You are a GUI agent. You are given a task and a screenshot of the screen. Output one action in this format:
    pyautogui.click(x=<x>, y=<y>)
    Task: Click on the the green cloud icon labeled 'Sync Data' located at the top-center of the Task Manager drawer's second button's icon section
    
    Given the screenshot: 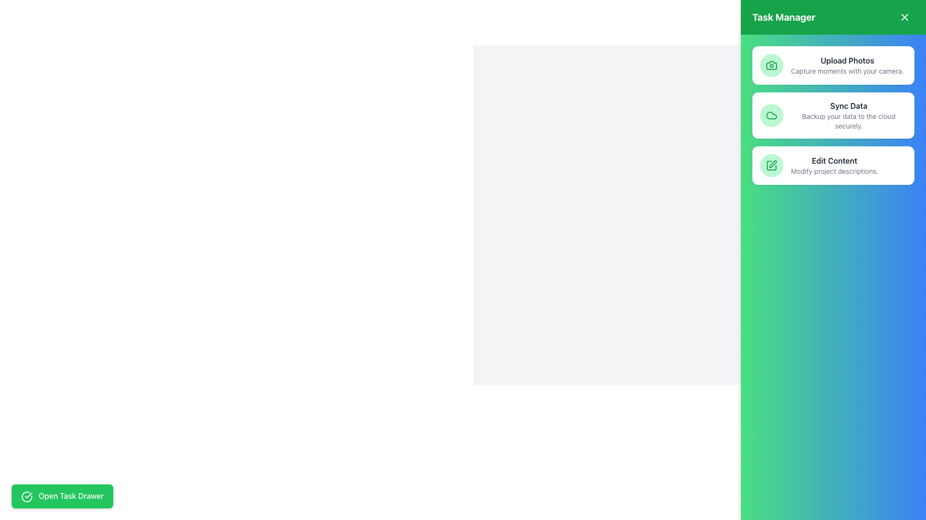 What is the action you would take?
    pyautogui.click(x=771, y=115)
    